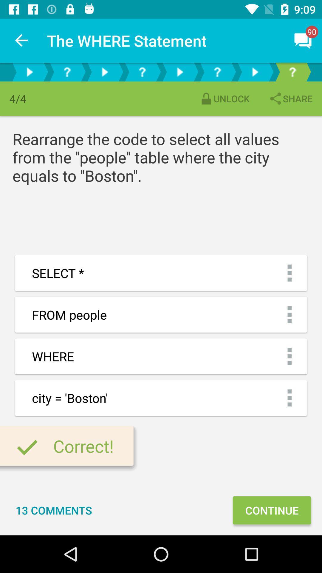 This screenshot has height=573, width=322. What do you see at coordinates (21, 40) in the screenshot?
I see `the icon to the left of the where statement icon` at bounding box center [21, 40].